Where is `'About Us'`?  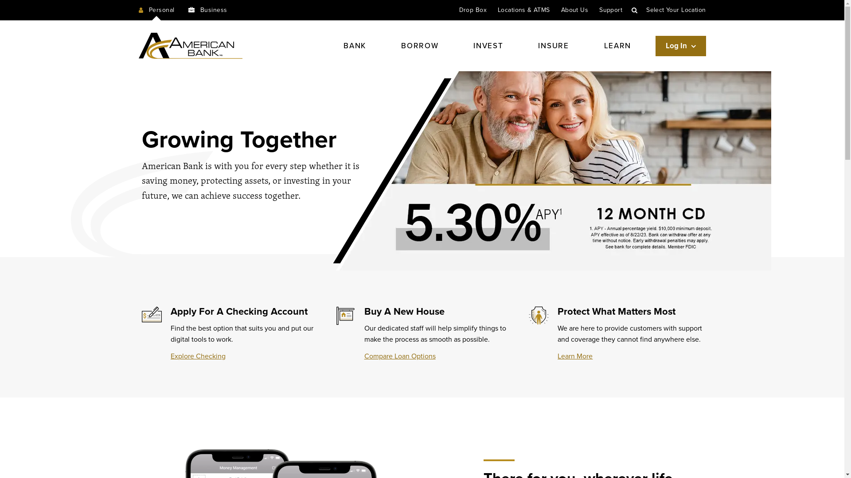 'About Us' is located at coordinates (574, 10).